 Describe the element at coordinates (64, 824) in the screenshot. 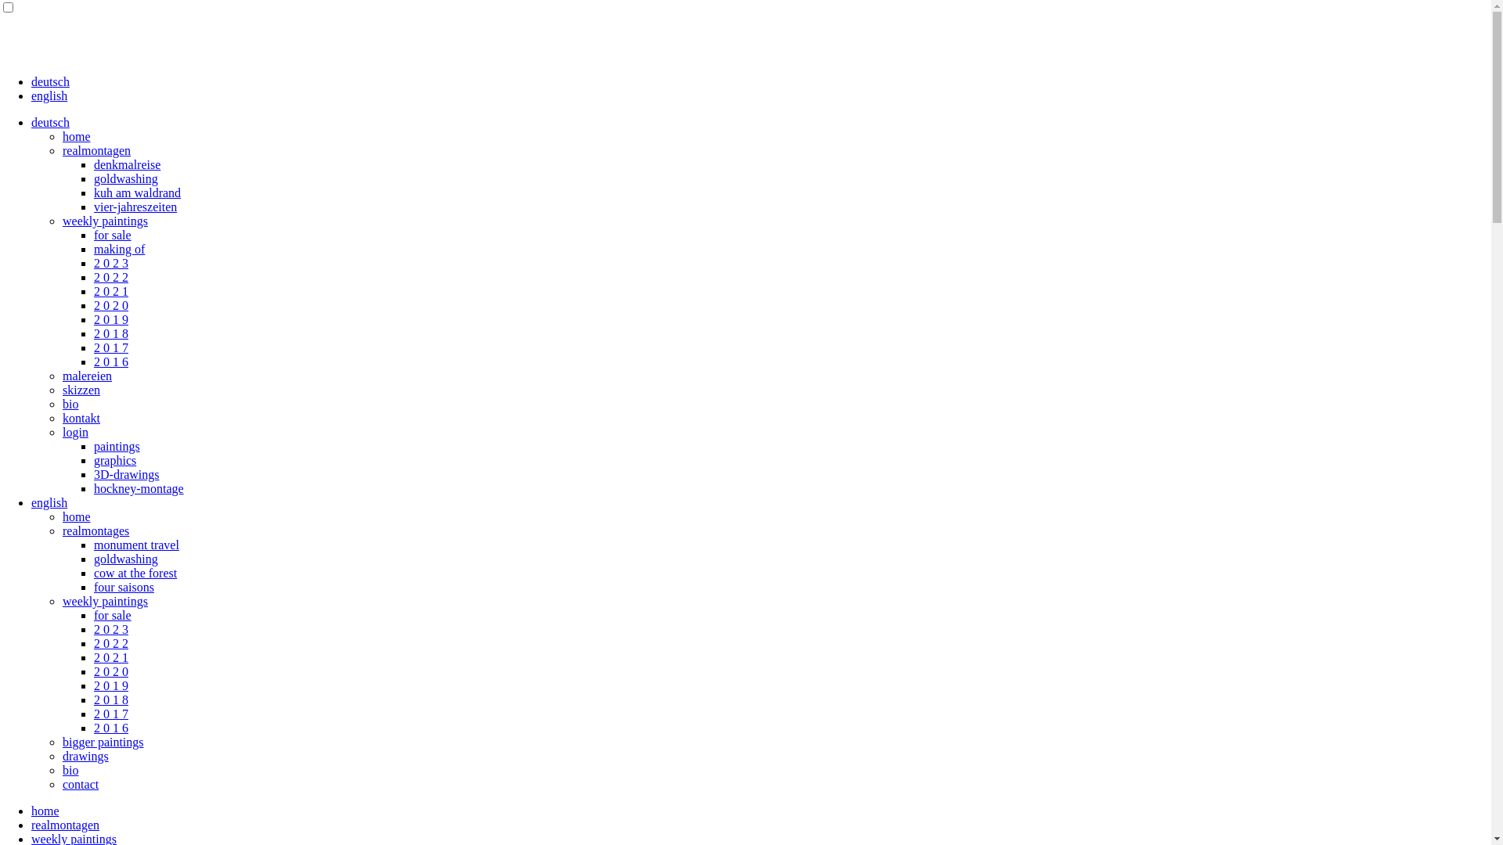

I see `'realmontagen'` at that location.